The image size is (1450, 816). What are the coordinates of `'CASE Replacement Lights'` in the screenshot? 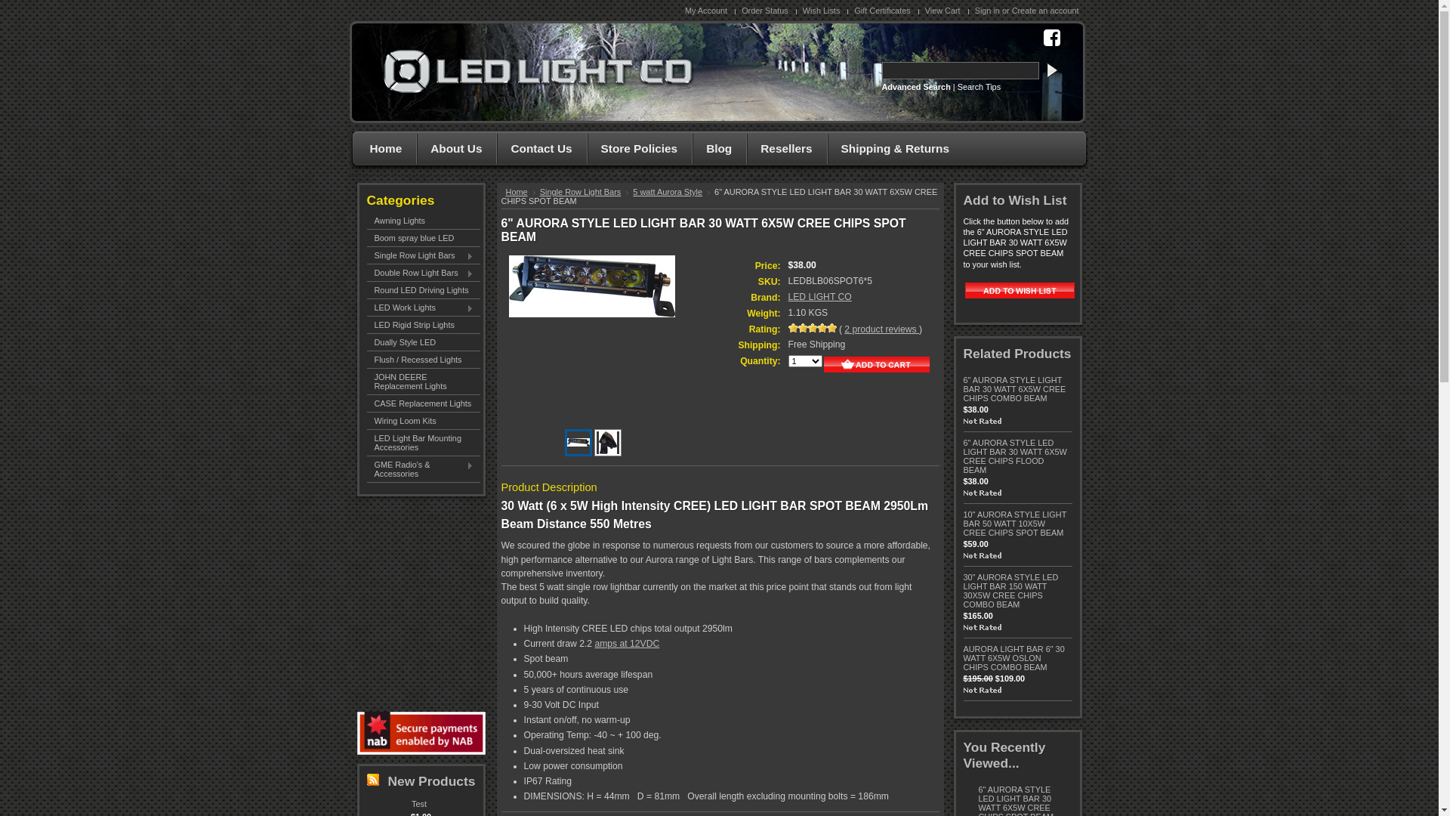 It's located at (423, 402).